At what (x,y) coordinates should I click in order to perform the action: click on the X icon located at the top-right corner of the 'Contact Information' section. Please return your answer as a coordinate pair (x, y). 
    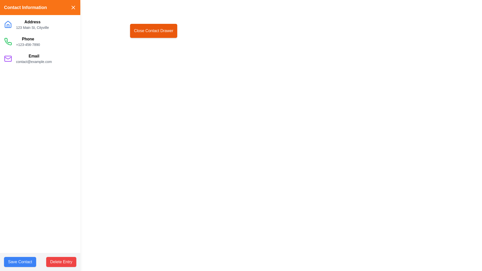
    Looking at the image, I should click on (73, 8).